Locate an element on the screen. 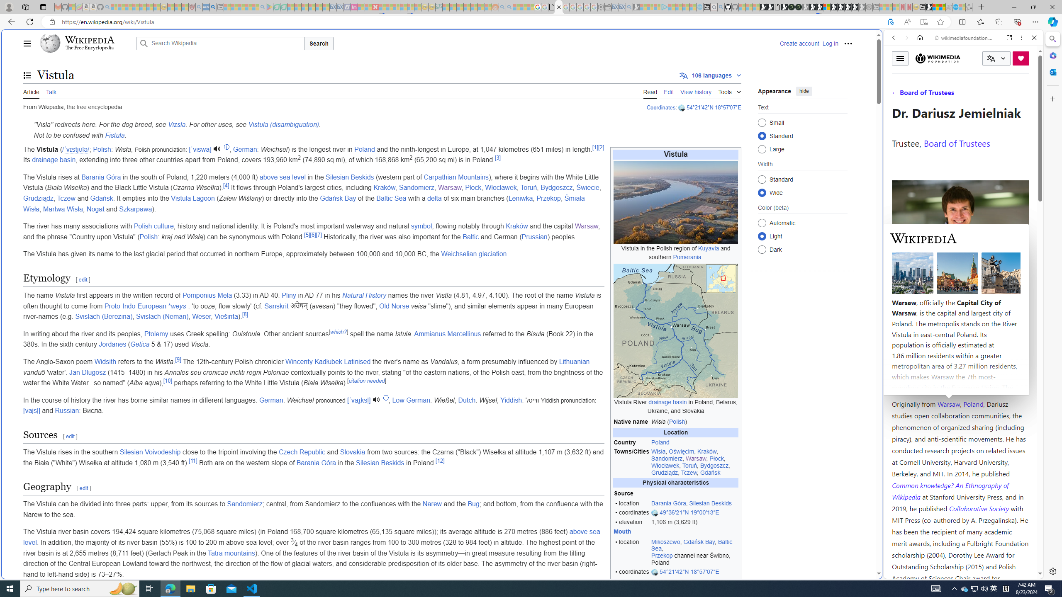 Image resolution: width=1062 pixels, height=597 pixels. 'Prussian' is located at coordinates (534, 236).